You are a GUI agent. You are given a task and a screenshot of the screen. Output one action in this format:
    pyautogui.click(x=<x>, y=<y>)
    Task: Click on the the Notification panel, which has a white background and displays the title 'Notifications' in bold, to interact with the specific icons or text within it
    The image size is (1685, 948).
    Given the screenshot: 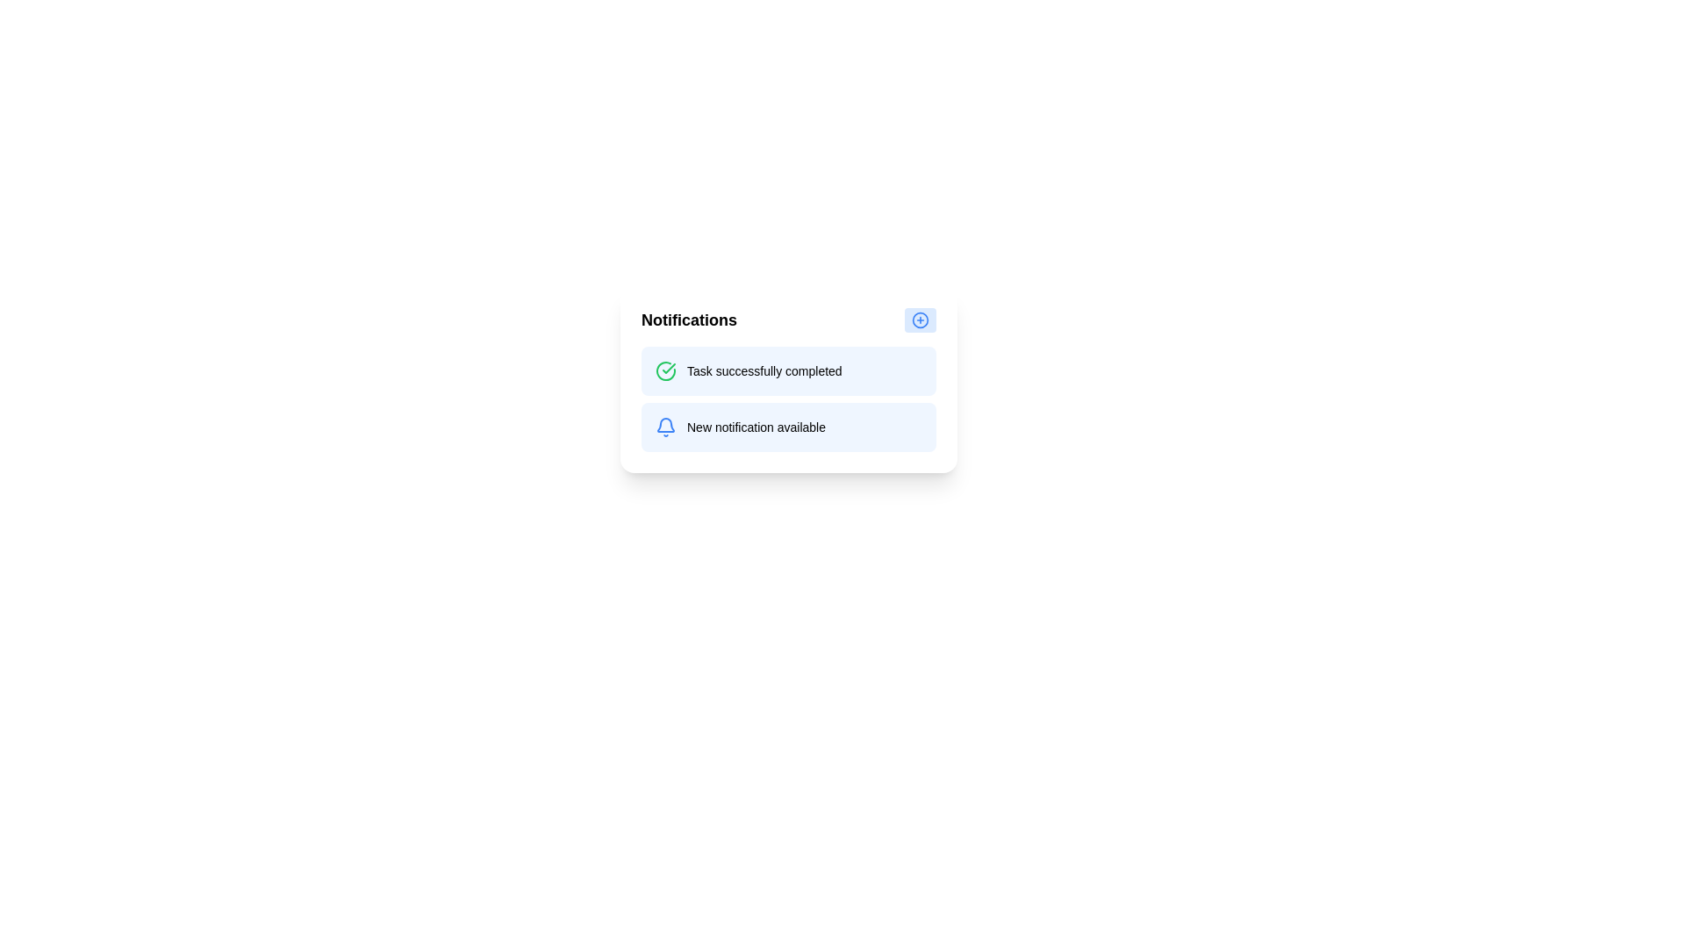 What is the action you would take?
    pyautogui.click(x=787, y=378)
    